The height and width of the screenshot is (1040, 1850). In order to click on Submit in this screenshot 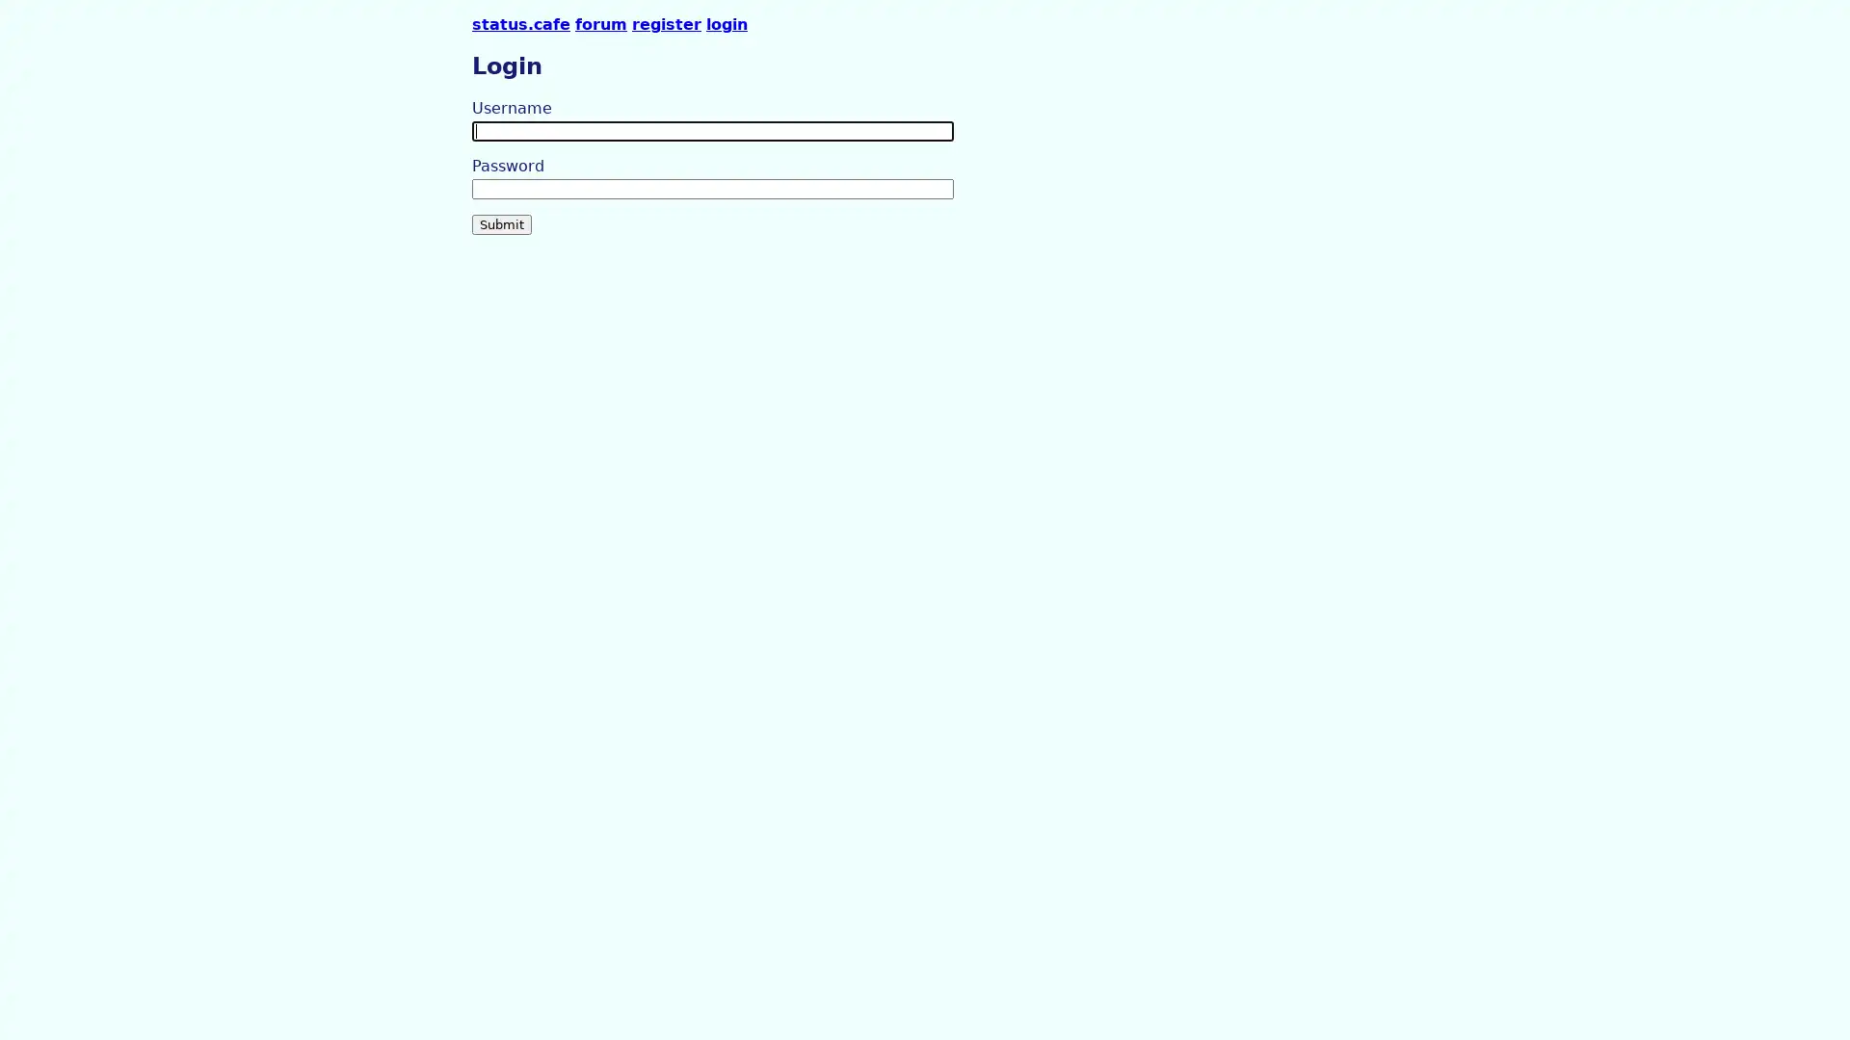, I will do `click(502, 222)`.